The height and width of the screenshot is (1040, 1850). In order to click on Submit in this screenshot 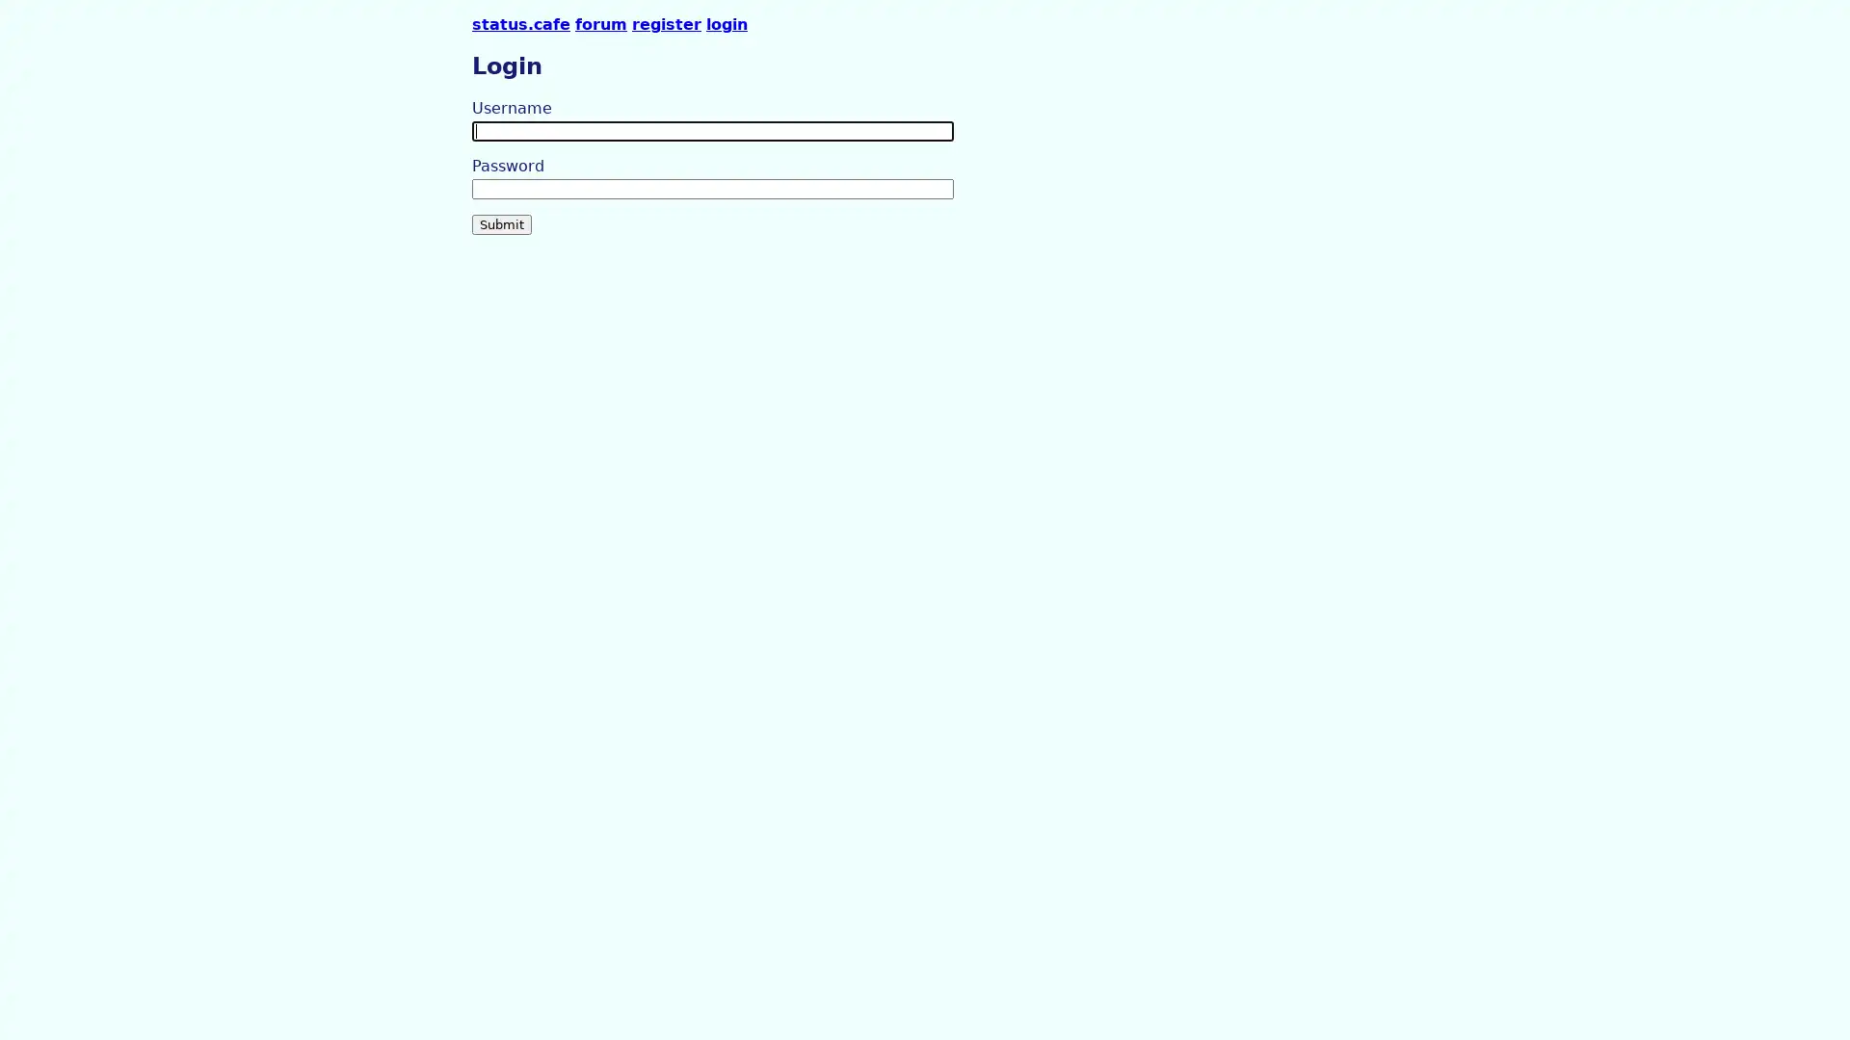, I will do `click(502, 222)`.